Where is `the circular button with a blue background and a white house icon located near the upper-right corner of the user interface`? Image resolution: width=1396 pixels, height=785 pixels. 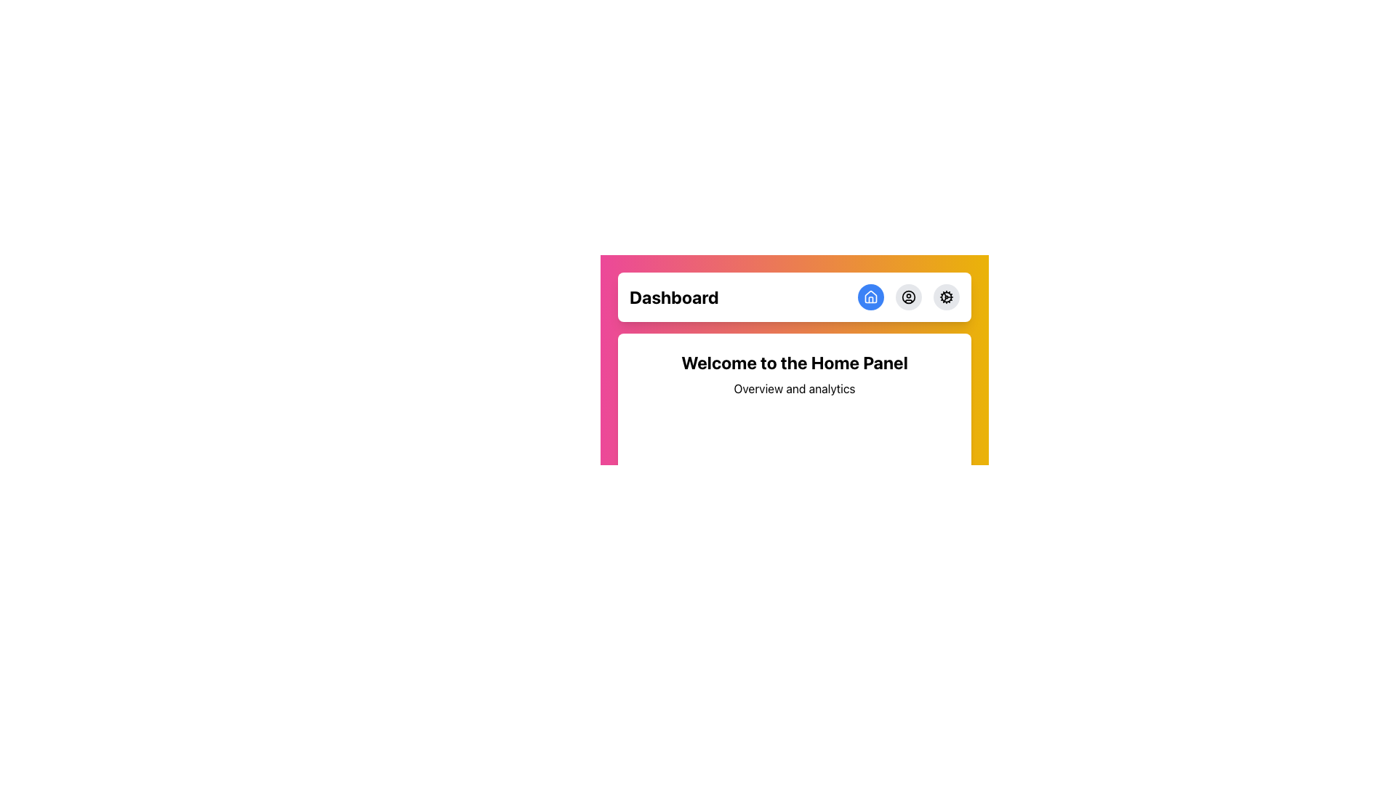 the circular button with a blue background and a white house icon located near the upper-right corner of the user interface is located at coordinates (871, 296).